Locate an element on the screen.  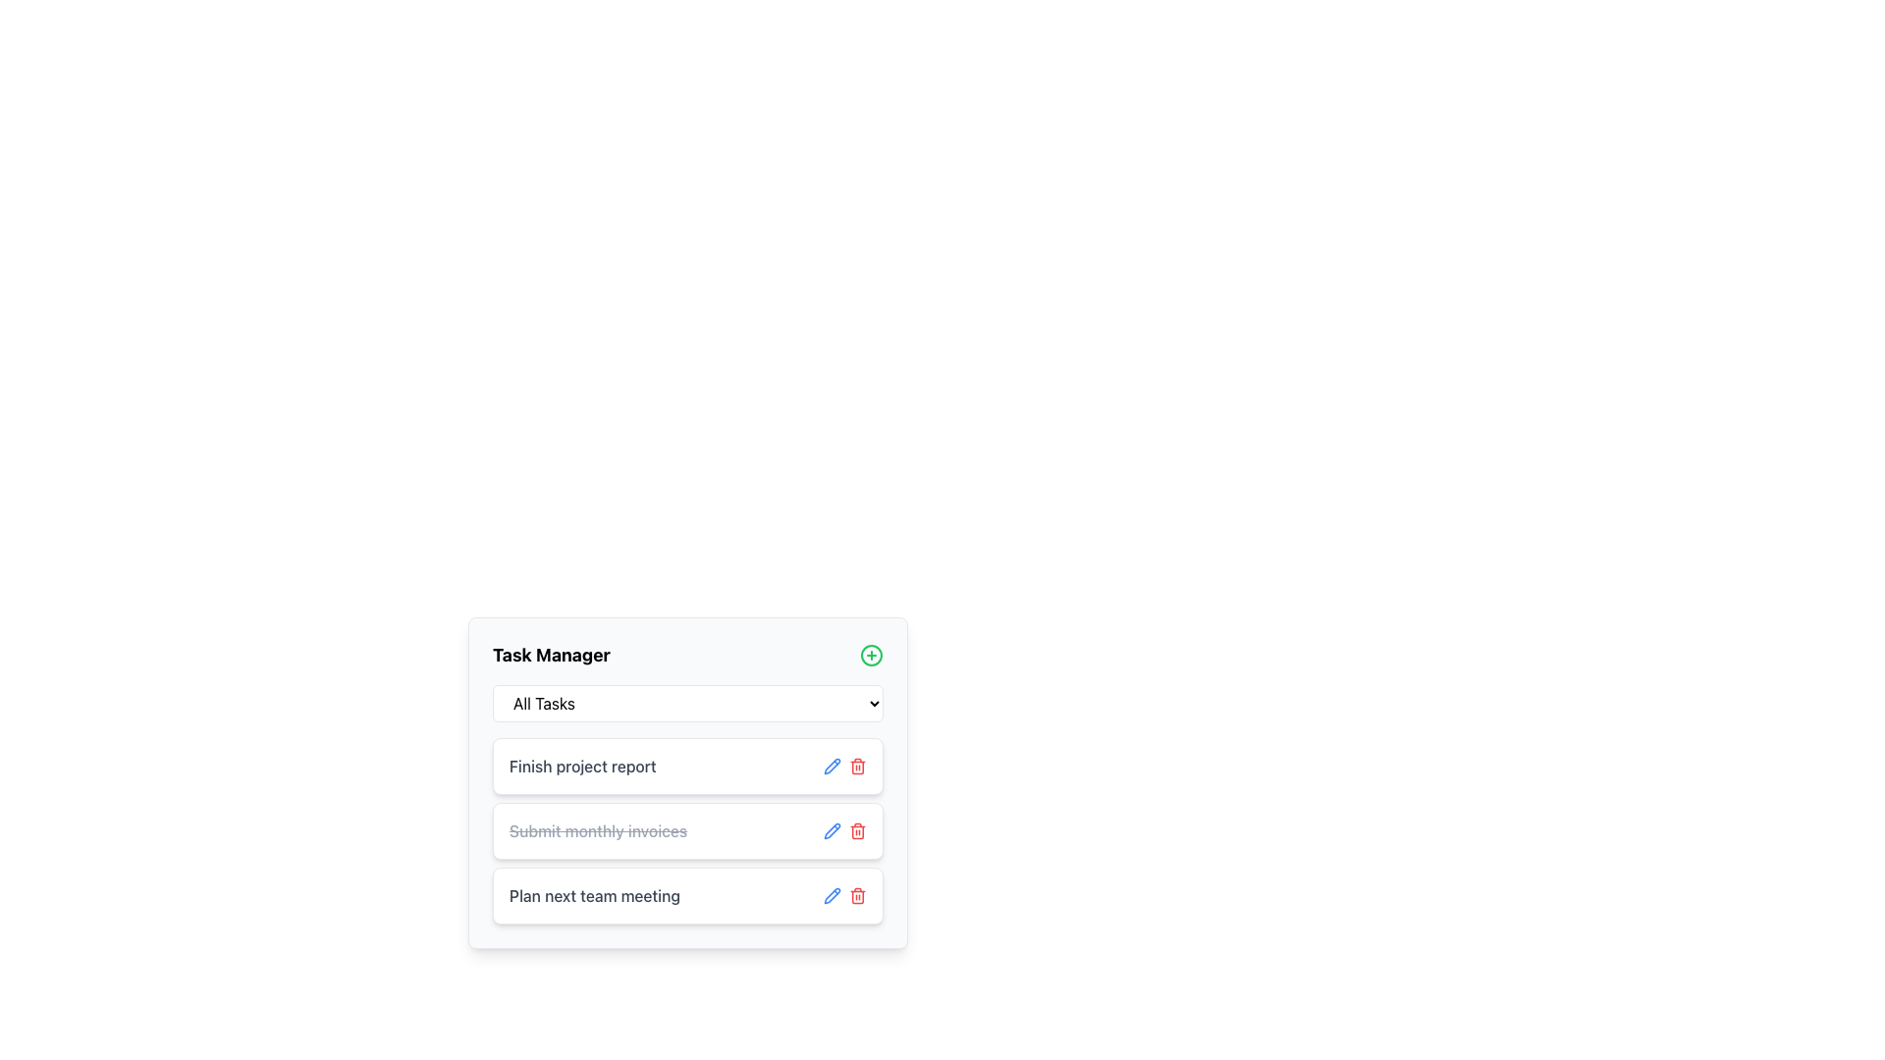
the edit icon located to the right of the 'Submit monthly invoices' task text, which is the second edit icon in the sequence, to initiate edit mode is located at coordinates (833, 831).